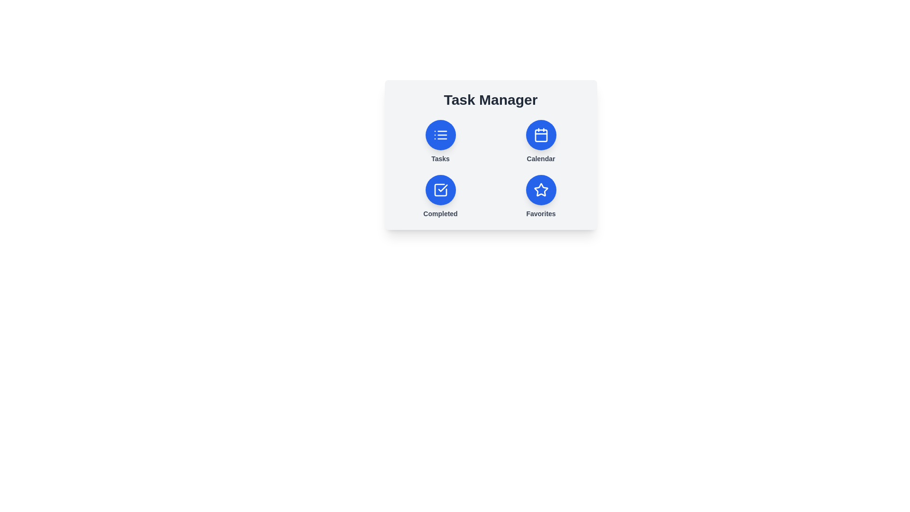  I want to click on the calendar button located below the 'Task Manager' title and to the right of the 'Tasks' button, so click(541, 142).